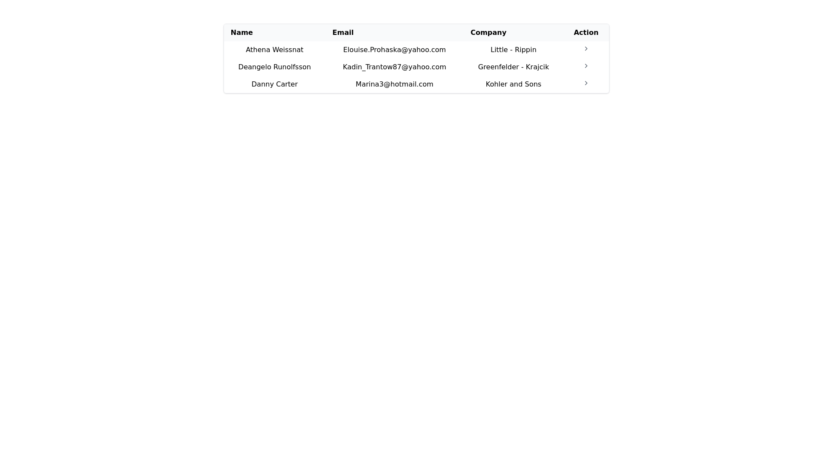 This screenshot has height=465, width=827. I want to click on the Text Label displaying 'Deangelo Runolfsson', which is located in the first column of the second row of a structured table layout, so click(274, 66).